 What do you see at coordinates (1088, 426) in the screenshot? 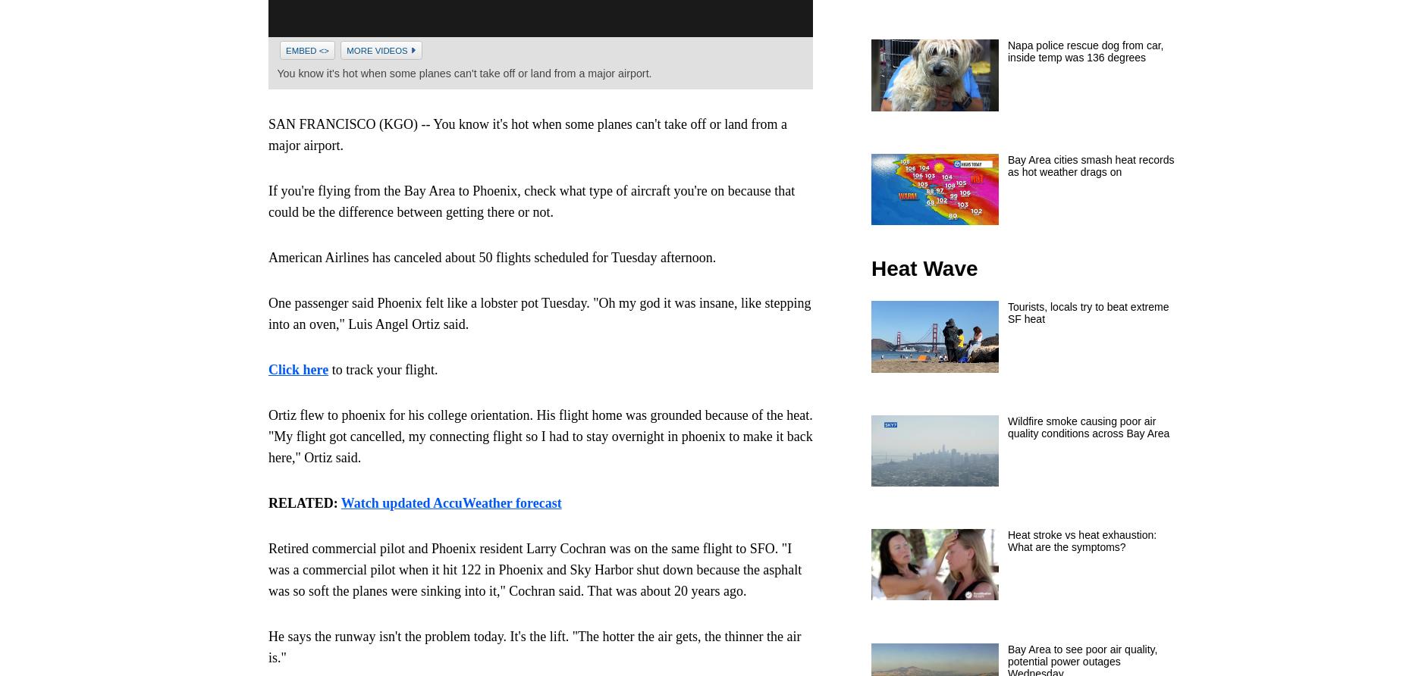
I see `'Wildfire smoke causing poor air quality conditions across Bay Area'` at bounding box center [1088, 426].